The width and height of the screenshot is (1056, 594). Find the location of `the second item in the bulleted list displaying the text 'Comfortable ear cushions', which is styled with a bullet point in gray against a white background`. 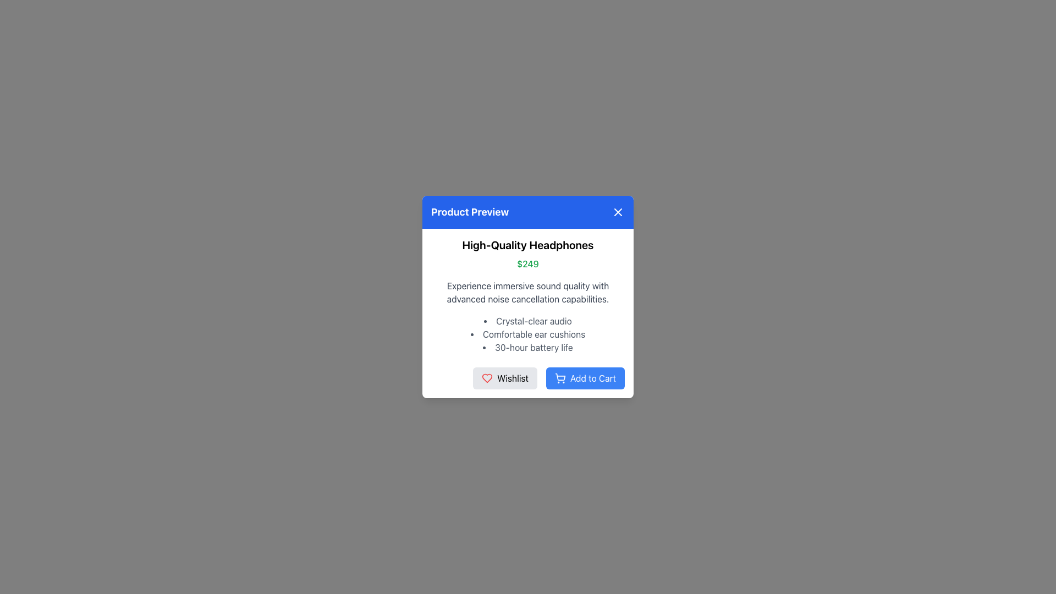

the second item in the bulleted list displaying the text 'Comfortable ear cushions', which is styled with a bullet point in gray against a white background is located at coordinates (528, 334).